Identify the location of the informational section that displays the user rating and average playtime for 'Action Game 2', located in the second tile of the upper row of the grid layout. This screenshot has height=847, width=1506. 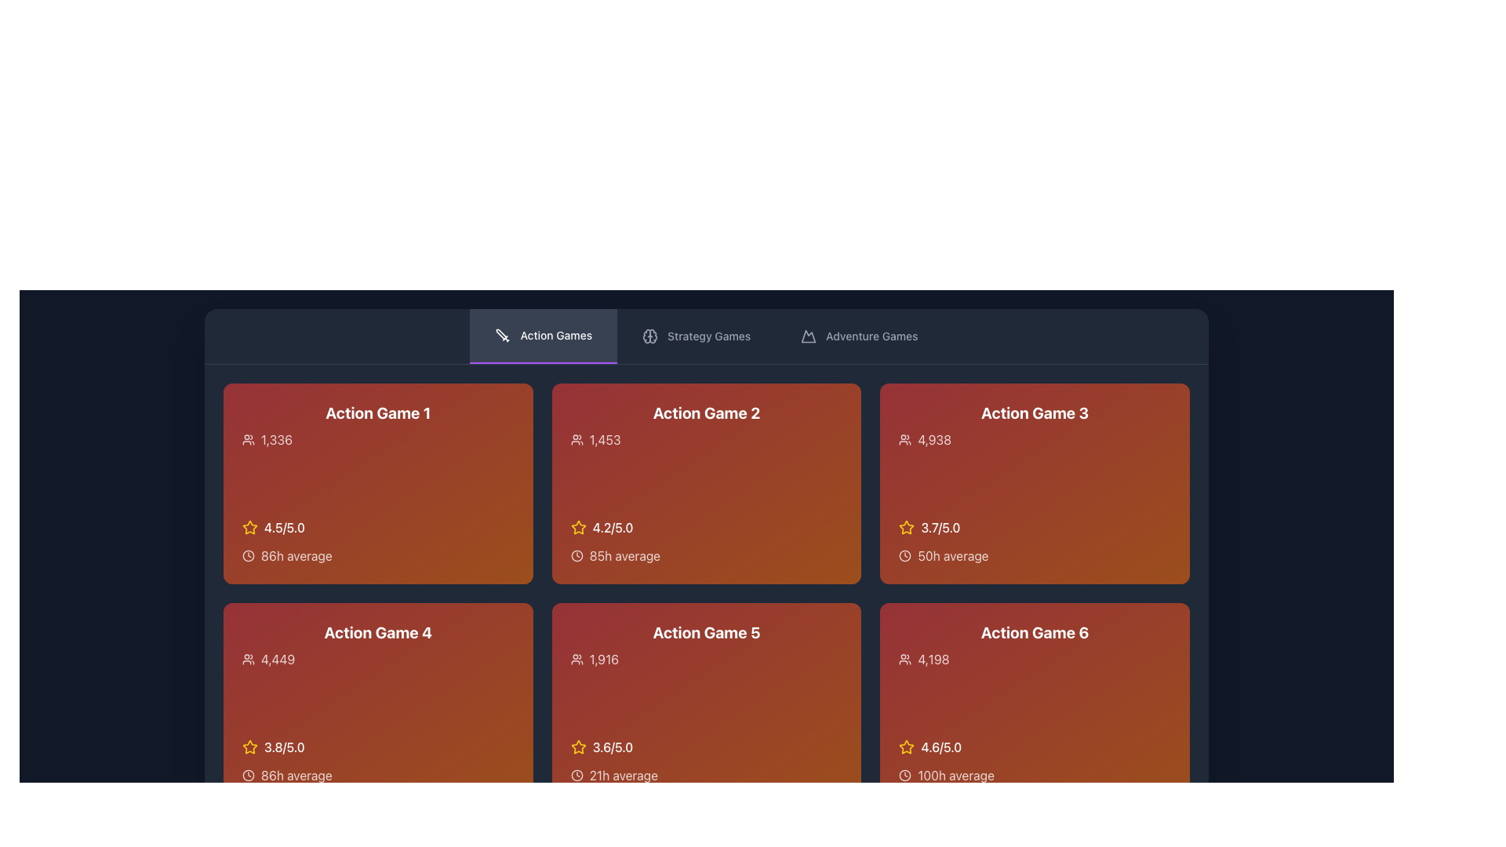
(706, 540).